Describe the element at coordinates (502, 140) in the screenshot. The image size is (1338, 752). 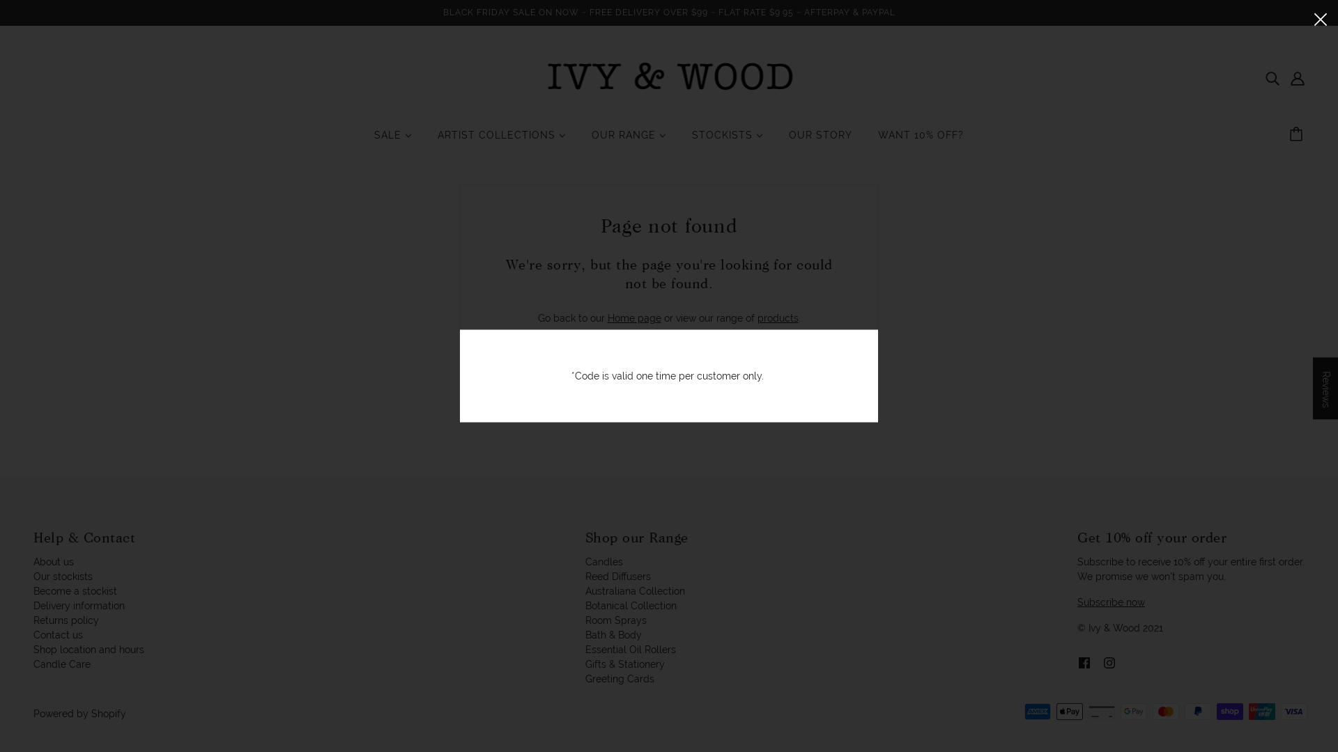
I see `'ARTIST COLLECTIONS'` at that location.